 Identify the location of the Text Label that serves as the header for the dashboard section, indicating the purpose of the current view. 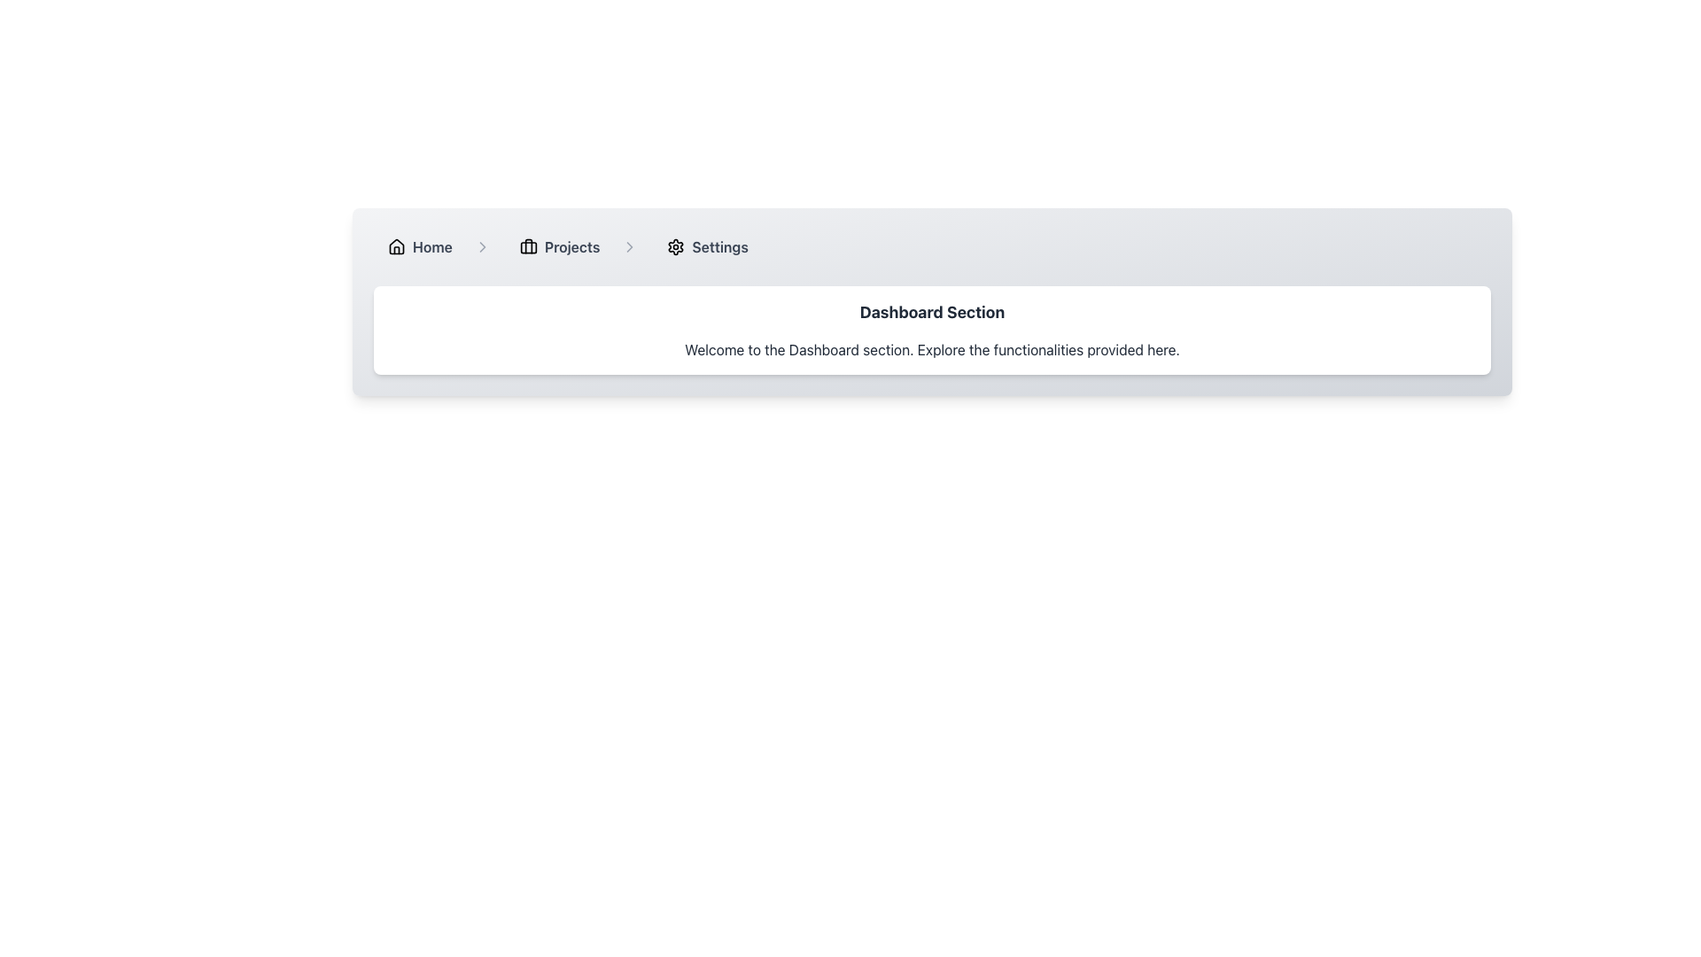
(931, 312).